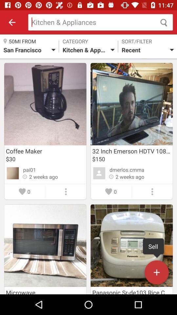 Image resolution: width=177 pixels, height=315 pixels. I want to click on three vertical dots below dmerloscmma, so click(152, 192).